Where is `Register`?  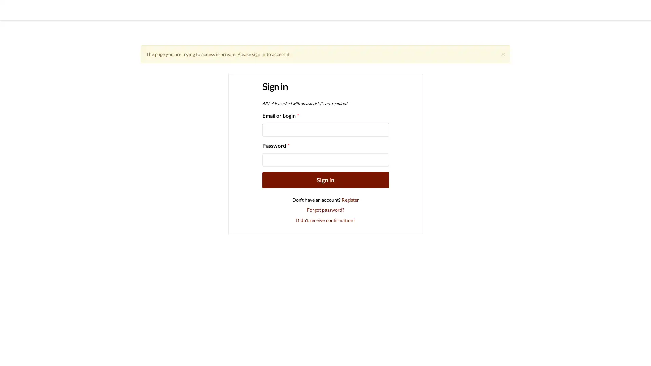 Register is located at coordinates (350, 199).